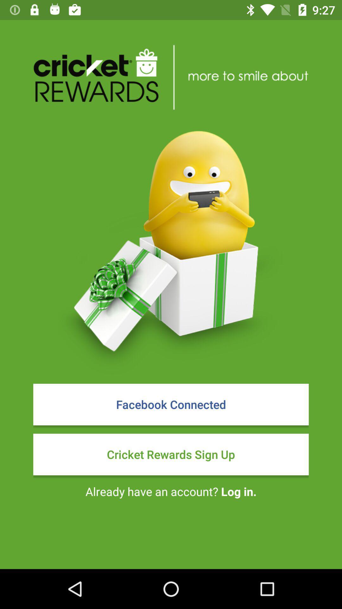  Describe the element at coordinates (171, 404) in the screenshot. I see `the facebook connected icon` at that location.